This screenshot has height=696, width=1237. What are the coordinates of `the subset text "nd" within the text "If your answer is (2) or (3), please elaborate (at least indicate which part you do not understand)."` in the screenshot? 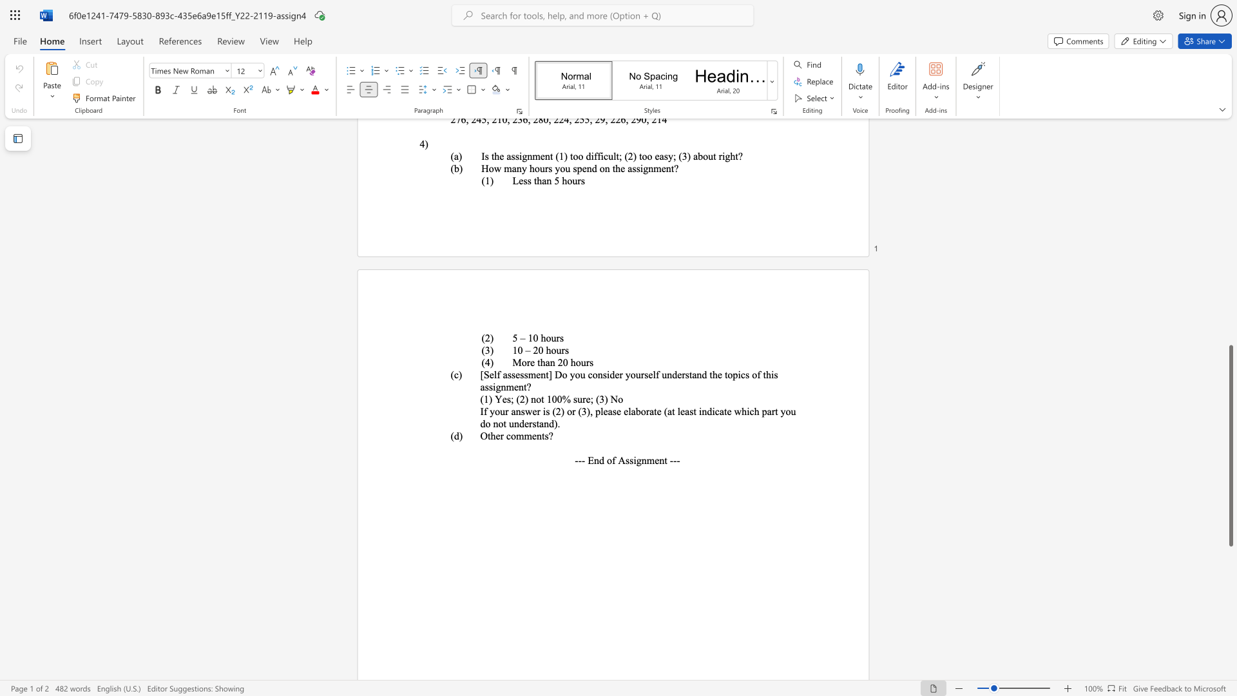 It's located at (701, 411).